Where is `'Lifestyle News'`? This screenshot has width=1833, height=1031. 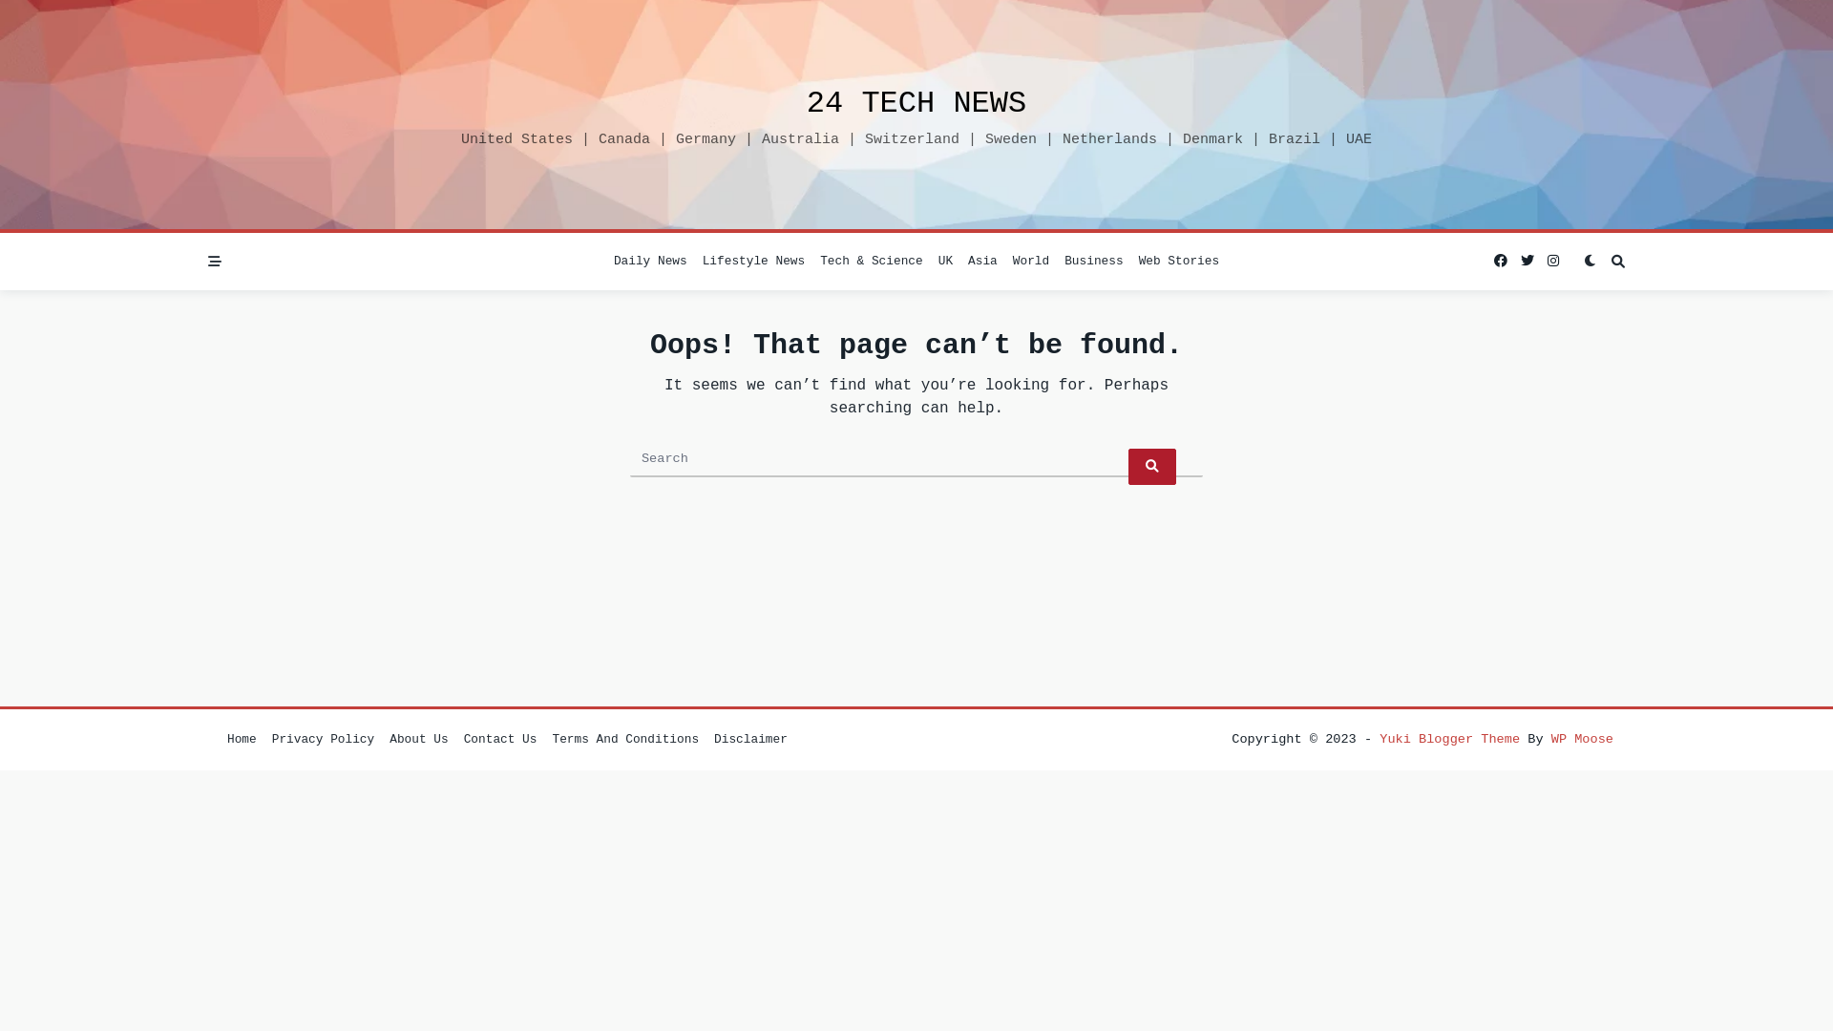 'Lifestyle News' is located at coordinates (753, 261).